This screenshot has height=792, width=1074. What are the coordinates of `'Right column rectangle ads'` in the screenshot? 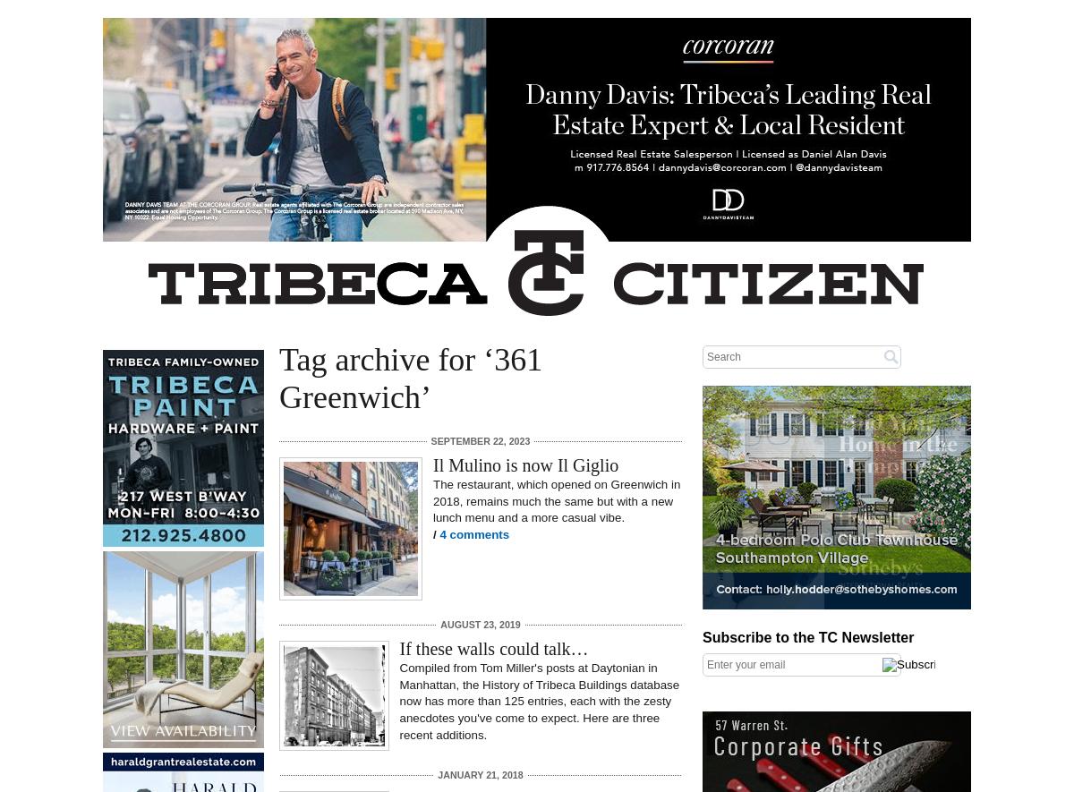 It's located at (717, 704).